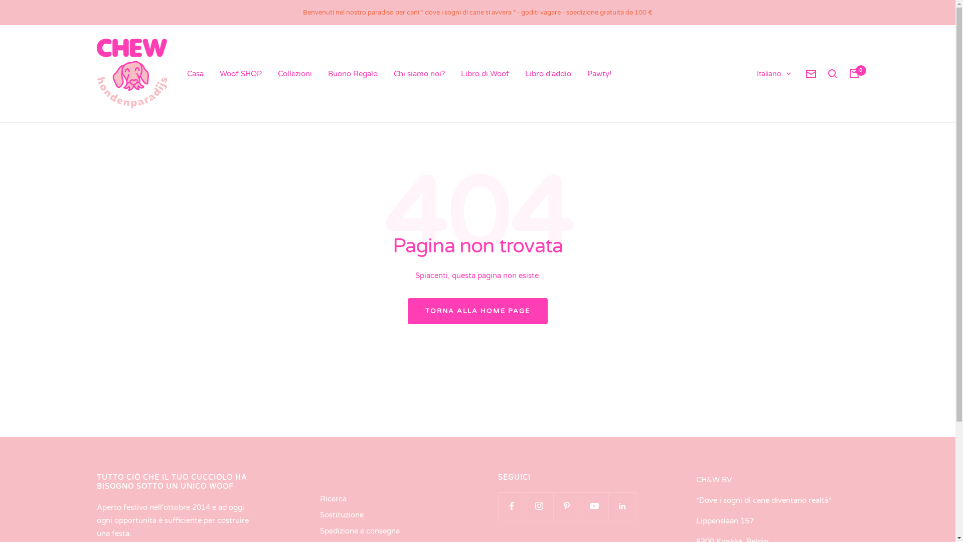 The height and width of the screenshot is (542, 963). Describe the element at coordinates (547, 73) in the screenshot. I see `'Libro d'addio'` at that location.